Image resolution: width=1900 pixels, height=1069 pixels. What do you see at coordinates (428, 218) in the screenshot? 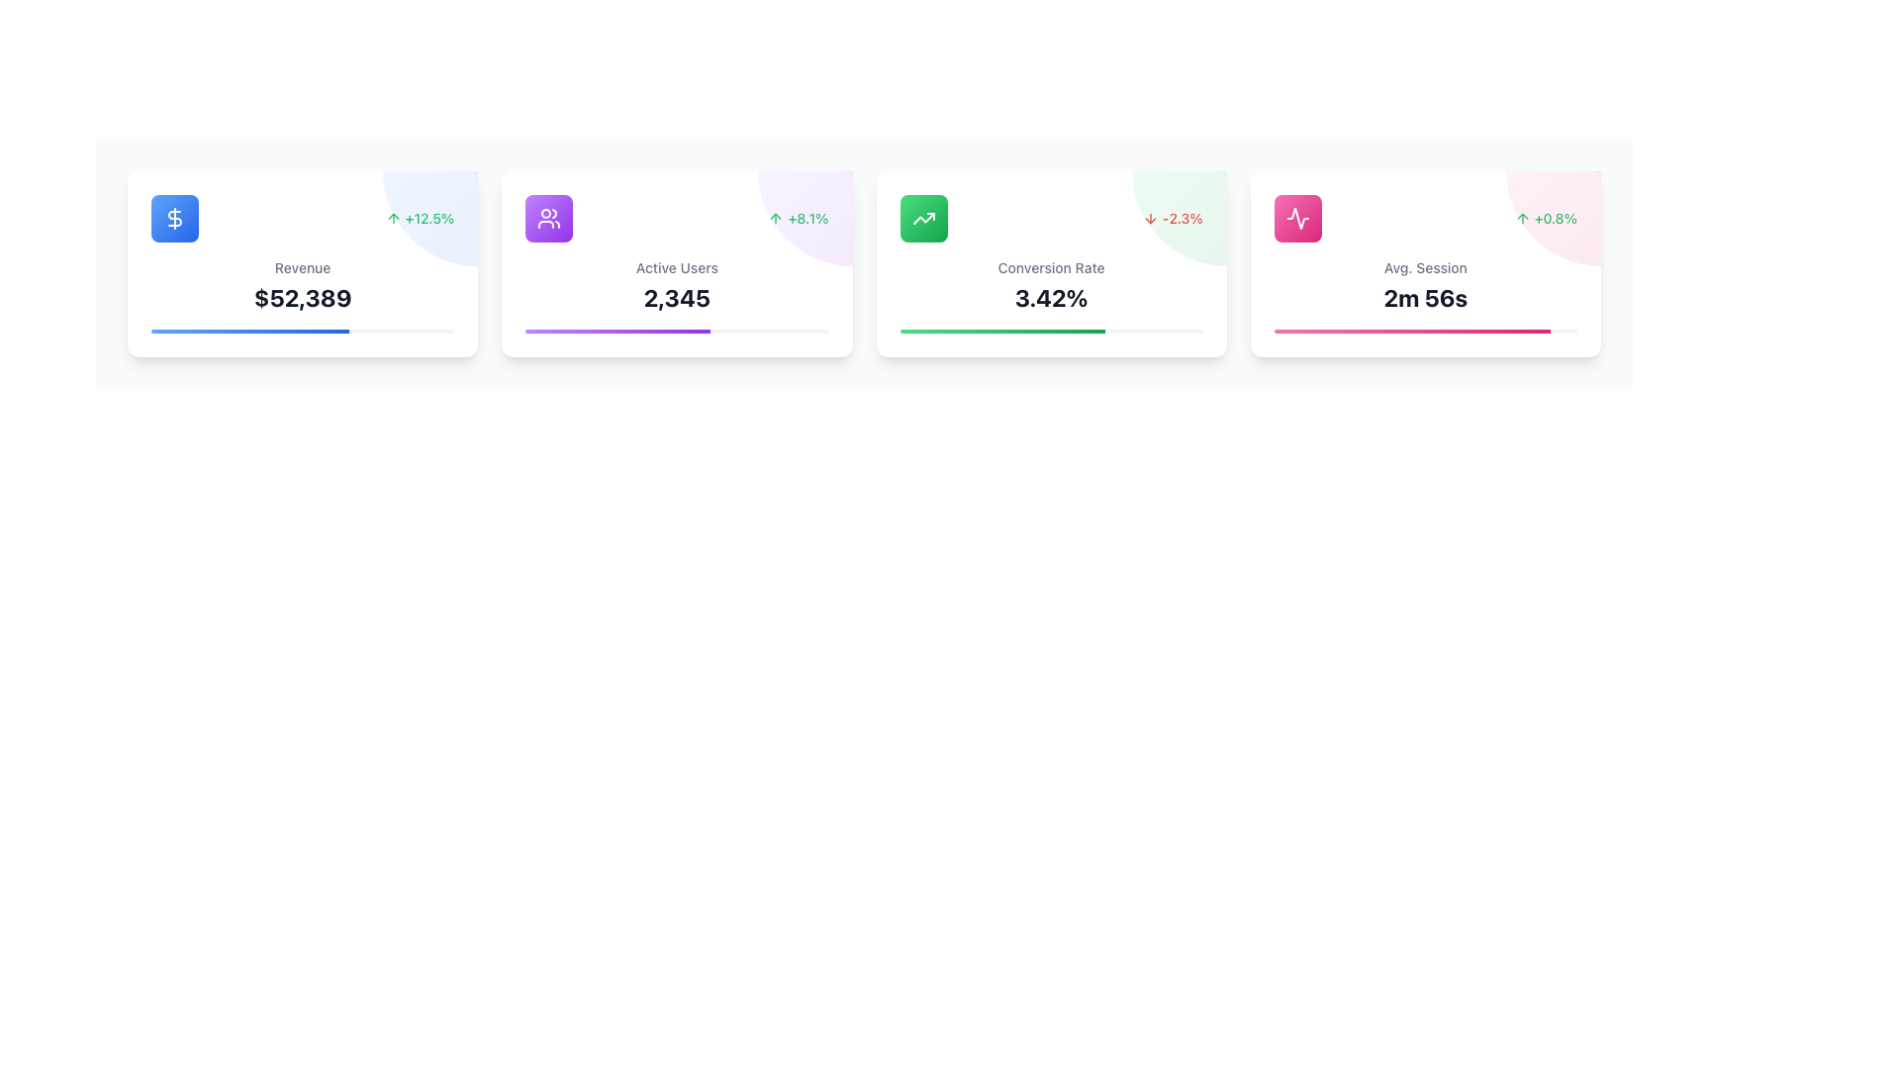
I see `the text label displaying the percentage '+12.5%'` at bounding box center [428, 218].